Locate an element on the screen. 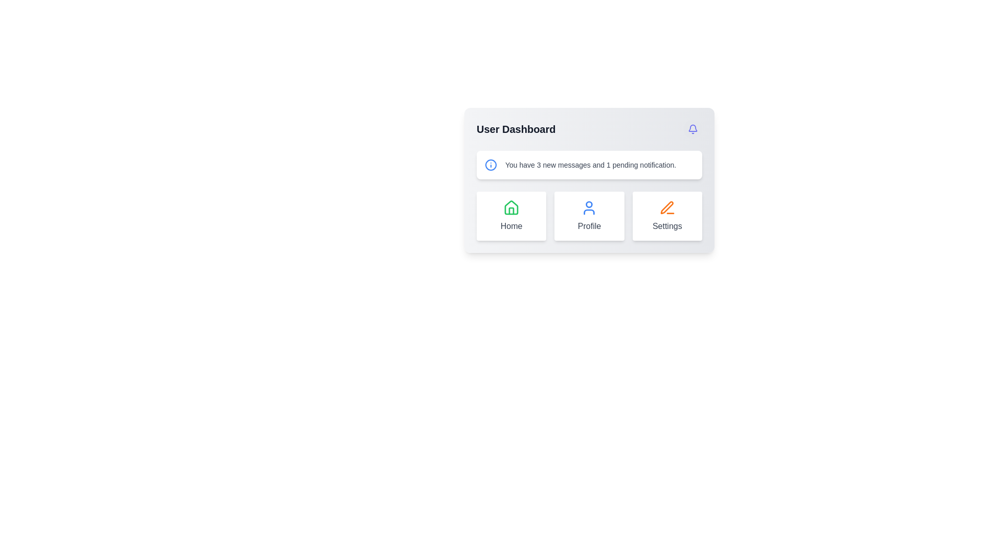 Image resolution: width=982 pixels, height=552 pixels. the 'Profile' button within the Card interface is located at coordinates (589, 180).